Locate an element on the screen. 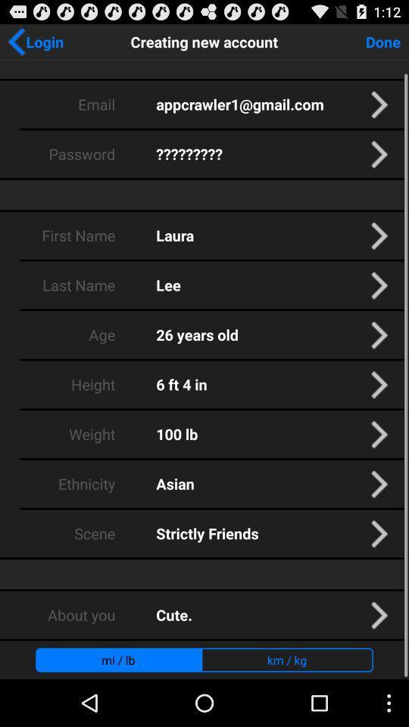 This screenshot has width=409, height=727. the app to the left of the creating new account app is located at coordinates (35, 41).